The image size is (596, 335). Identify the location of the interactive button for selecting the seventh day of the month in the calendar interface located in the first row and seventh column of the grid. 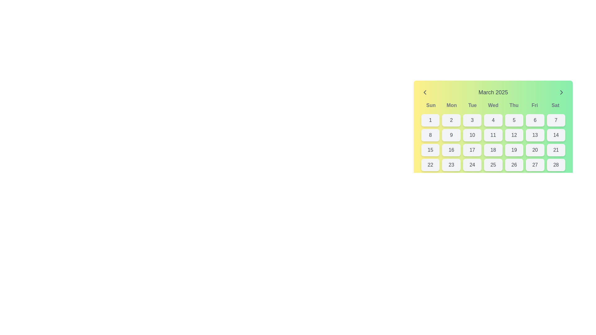
(556, 120).